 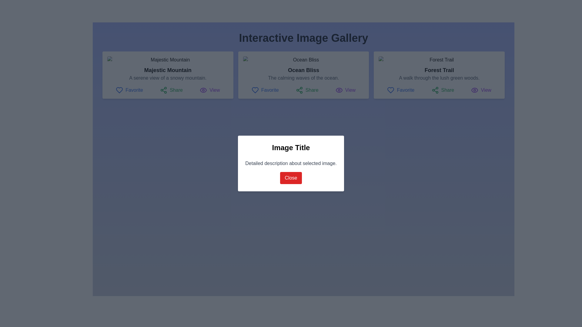 What do you see at coordinates (168, 78) in the screenshot?
I see `the text label that reads 'A serene view of a snowy mountain.' It is styled in gray and positioned beneath the title 'Majestic Mountain' within the first card of image cards` at bounding box center [168, 78].